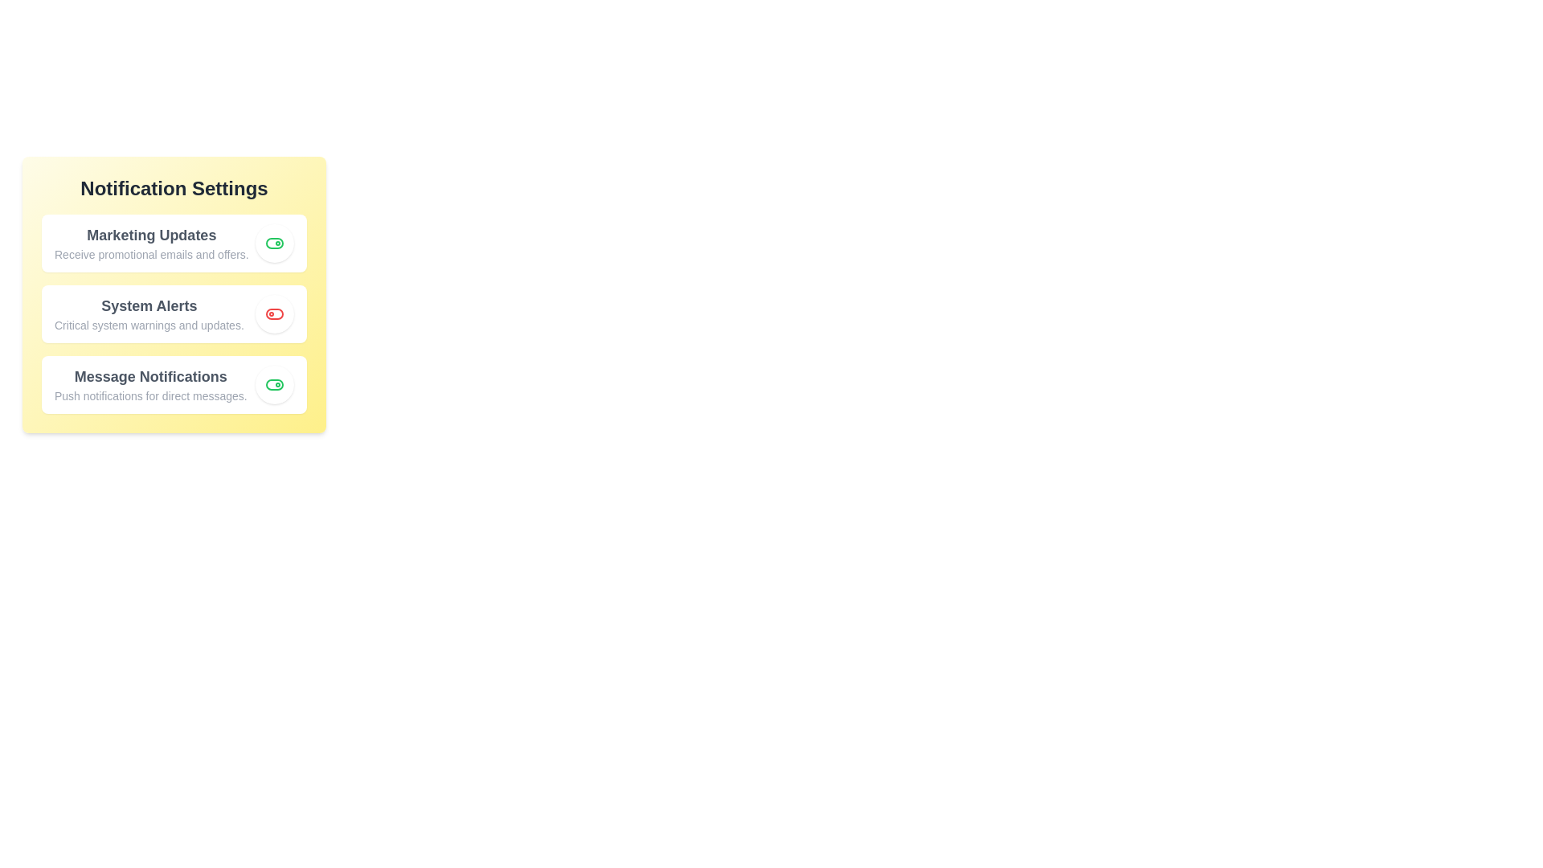  I want to click on the details of a notification type to read more about it, so click(150, 253).